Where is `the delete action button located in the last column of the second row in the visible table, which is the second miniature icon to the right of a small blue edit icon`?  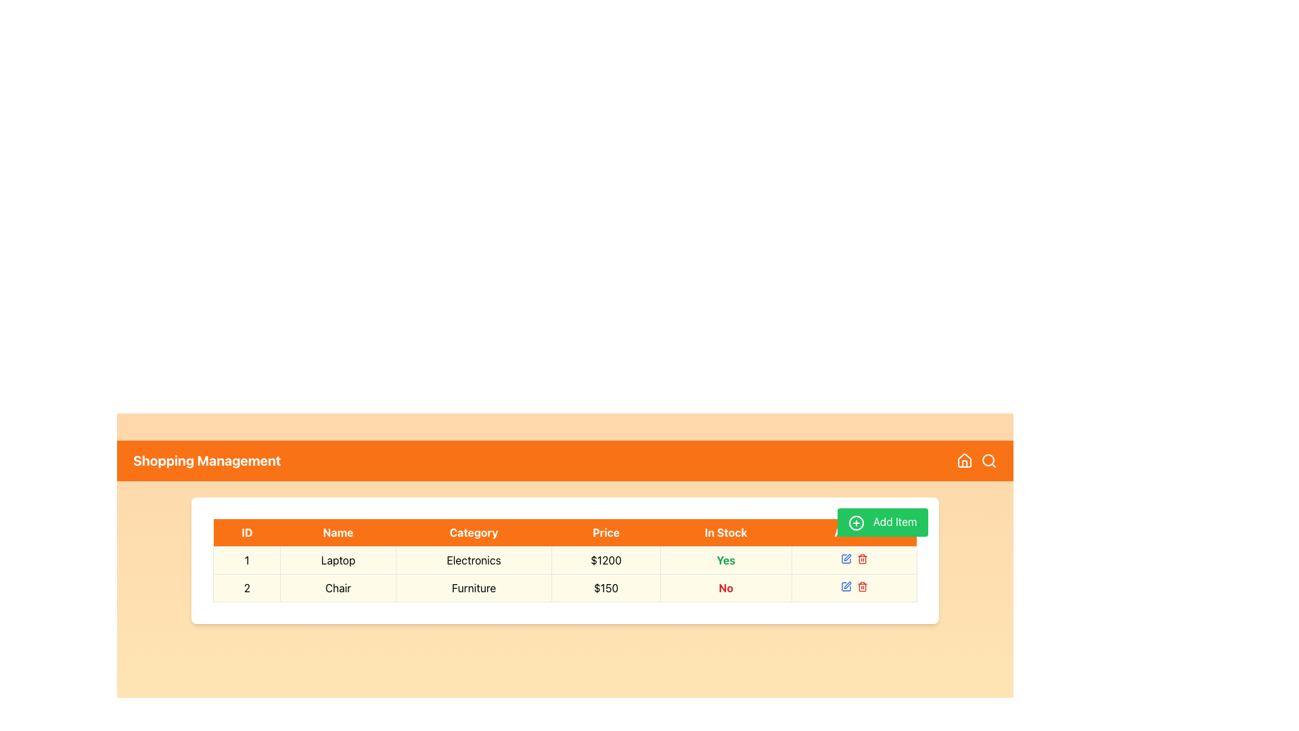
the delete action button located in the last column of the second row in the visible table, which is the second miniature icon to the right of a small blue edit icon is located at coordinates (861, 558).